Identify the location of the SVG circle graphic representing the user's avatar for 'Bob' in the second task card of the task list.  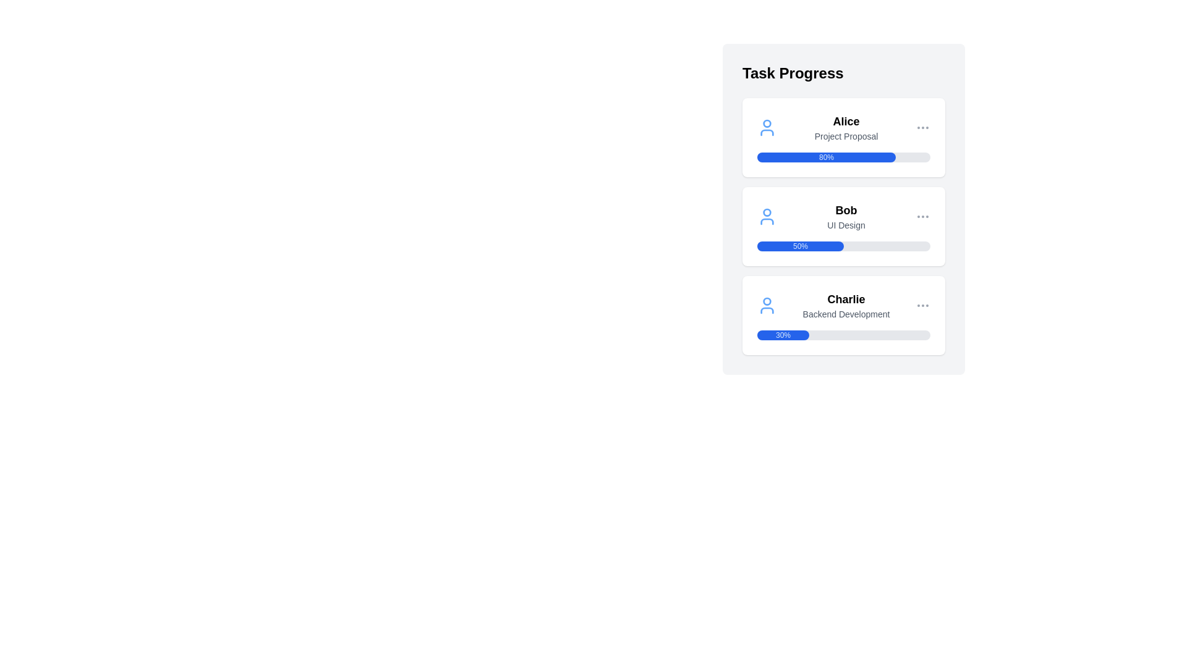
(767, 211).